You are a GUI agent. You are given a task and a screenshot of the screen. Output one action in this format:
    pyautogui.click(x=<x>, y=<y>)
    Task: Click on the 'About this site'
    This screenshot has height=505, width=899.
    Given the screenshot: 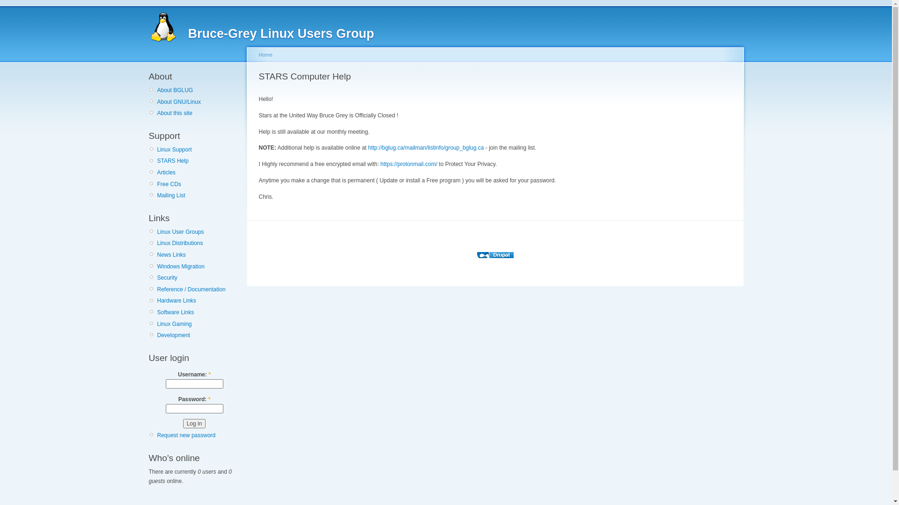 What is the action you would take?
    pyautogui.click(x=198, y=113)
    